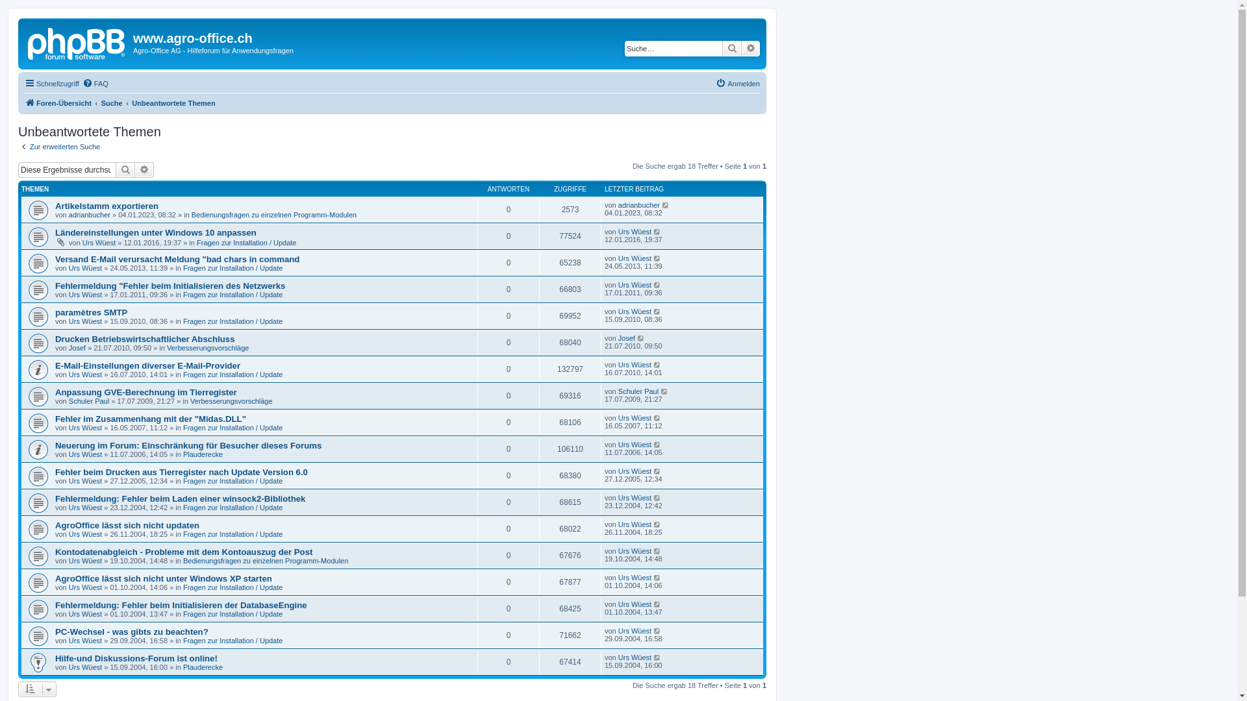 Image resolution: width=1247 pixels, height=701 pixels. Describe the element at coordinates (233, 613) in the screenshot. I see `'Fragen zur Installation / Update'` at that location.